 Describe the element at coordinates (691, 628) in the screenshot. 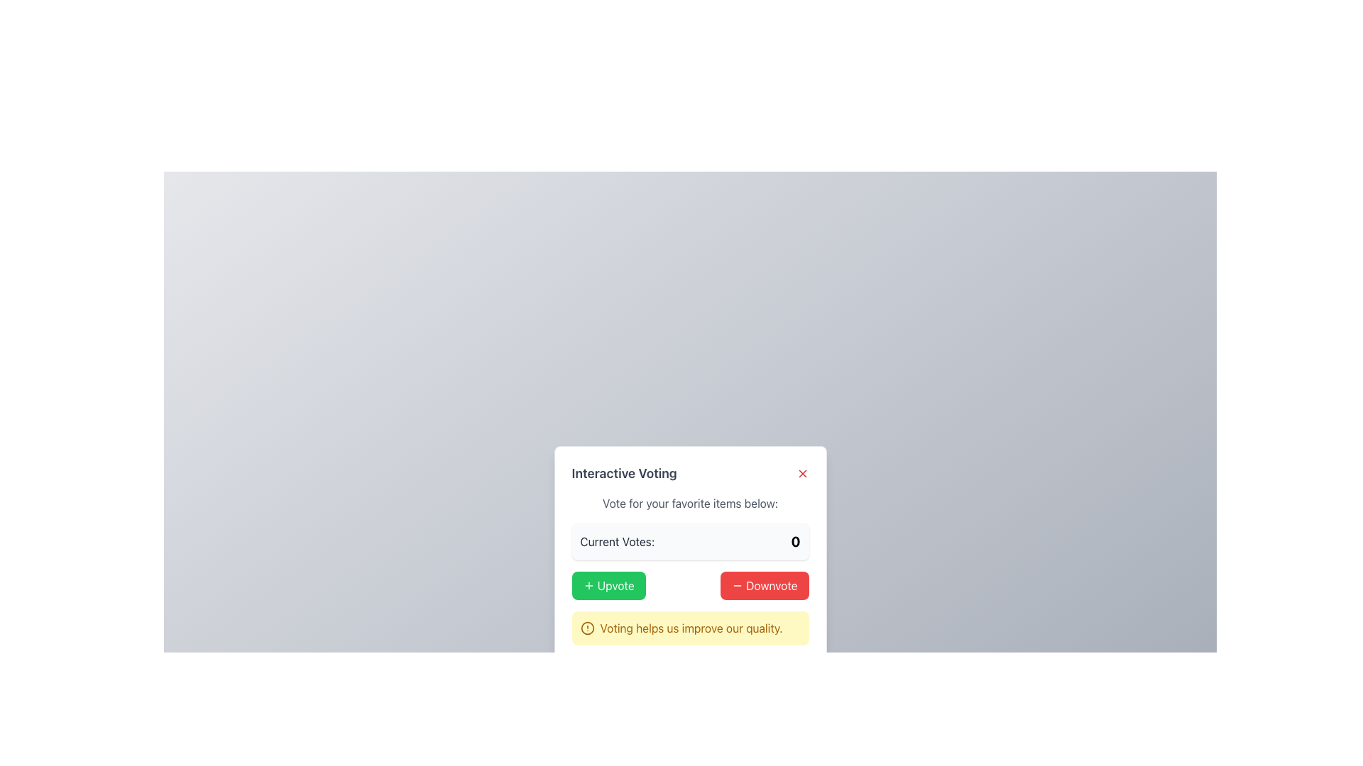

I see `the text label providing an encouraging message about the utility of voting, located in a rounded yellow box at the bottom of the voting interface` at that location.